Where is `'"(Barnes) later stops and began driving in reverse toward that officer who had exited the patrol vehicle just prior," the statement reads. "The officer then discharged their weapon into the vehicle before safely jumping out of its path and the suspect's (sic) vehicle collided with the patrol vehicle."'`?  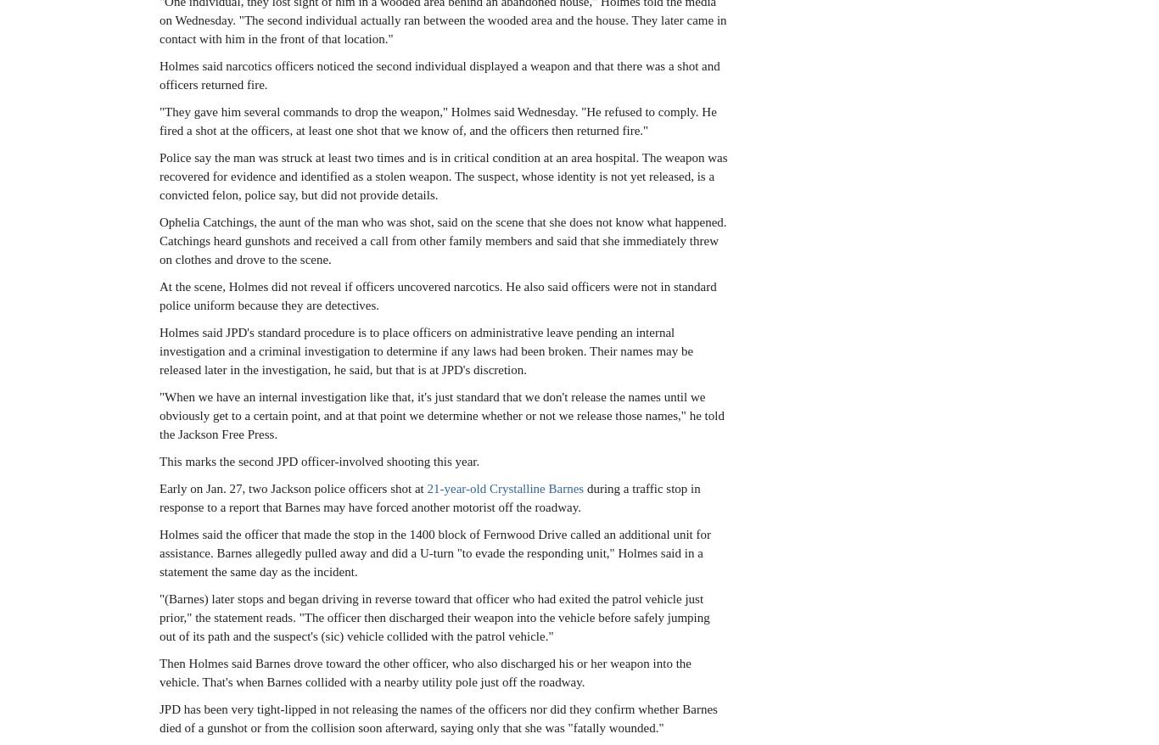
'"(Barnes) later stops and began driving in reverse toward that officer who had exited the patrol vehicle just prior," the statement reads. "The officer then discharged their weapon into the vehicle before safely jumping out of its path and the suspect's (sic) vehicle collided with the patrol vehicle."' is located at coordinates (434, 615).